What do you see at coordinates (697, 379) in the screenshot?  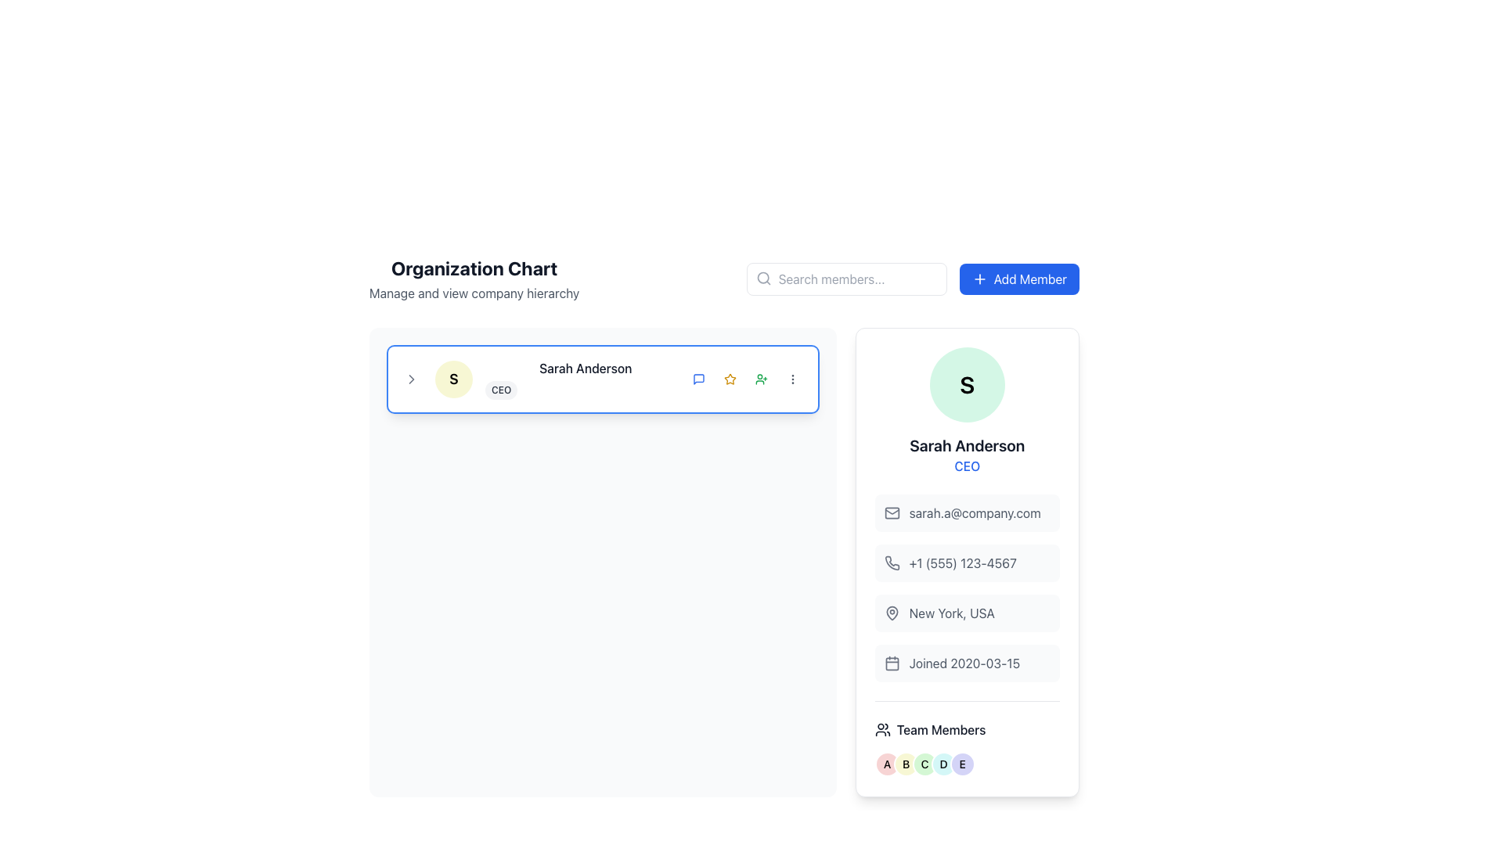 I see `the messaging icon located in the central toolbar` at bounding box center [697, 379].